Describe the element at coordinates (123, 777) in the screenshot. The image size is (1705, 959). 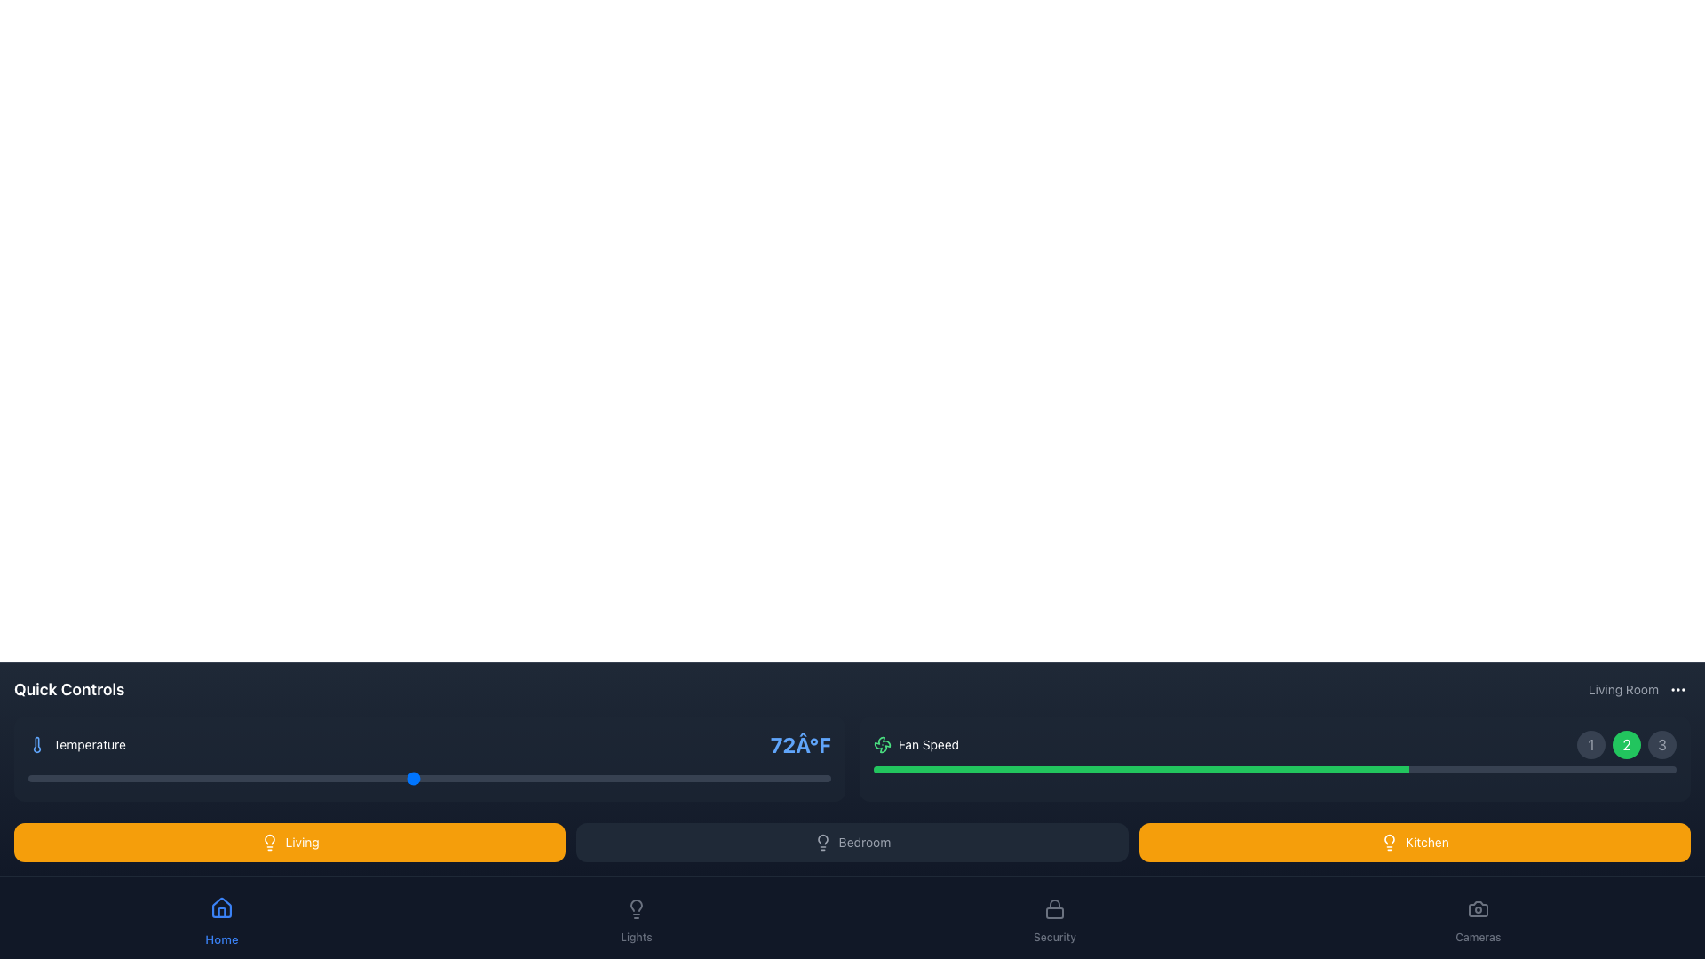
I see `the temperature` at that location.